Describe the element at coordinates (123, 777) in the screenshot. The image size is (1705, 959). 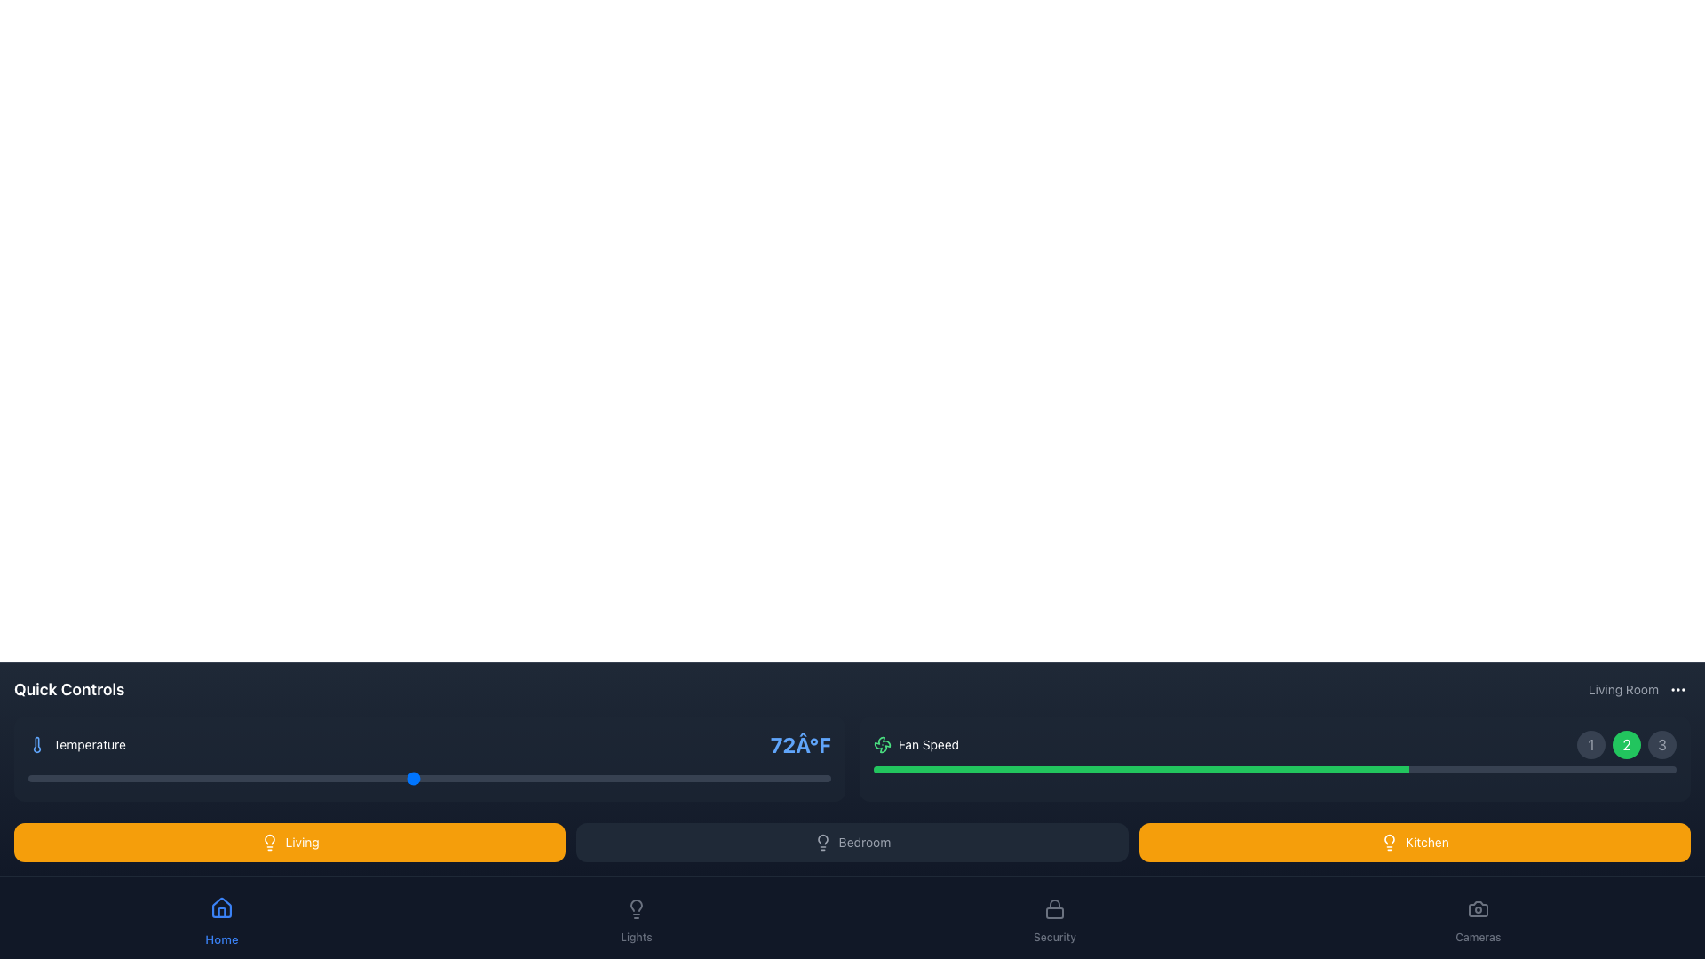
I see `the temperature` at that location.